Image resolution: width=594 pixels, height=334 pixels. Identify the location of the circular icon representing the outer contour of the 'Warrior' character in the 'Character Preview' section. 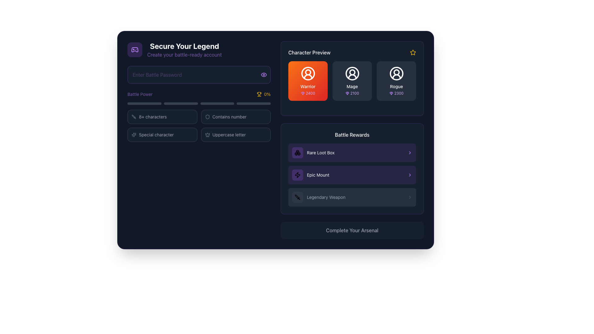
(308, 73).